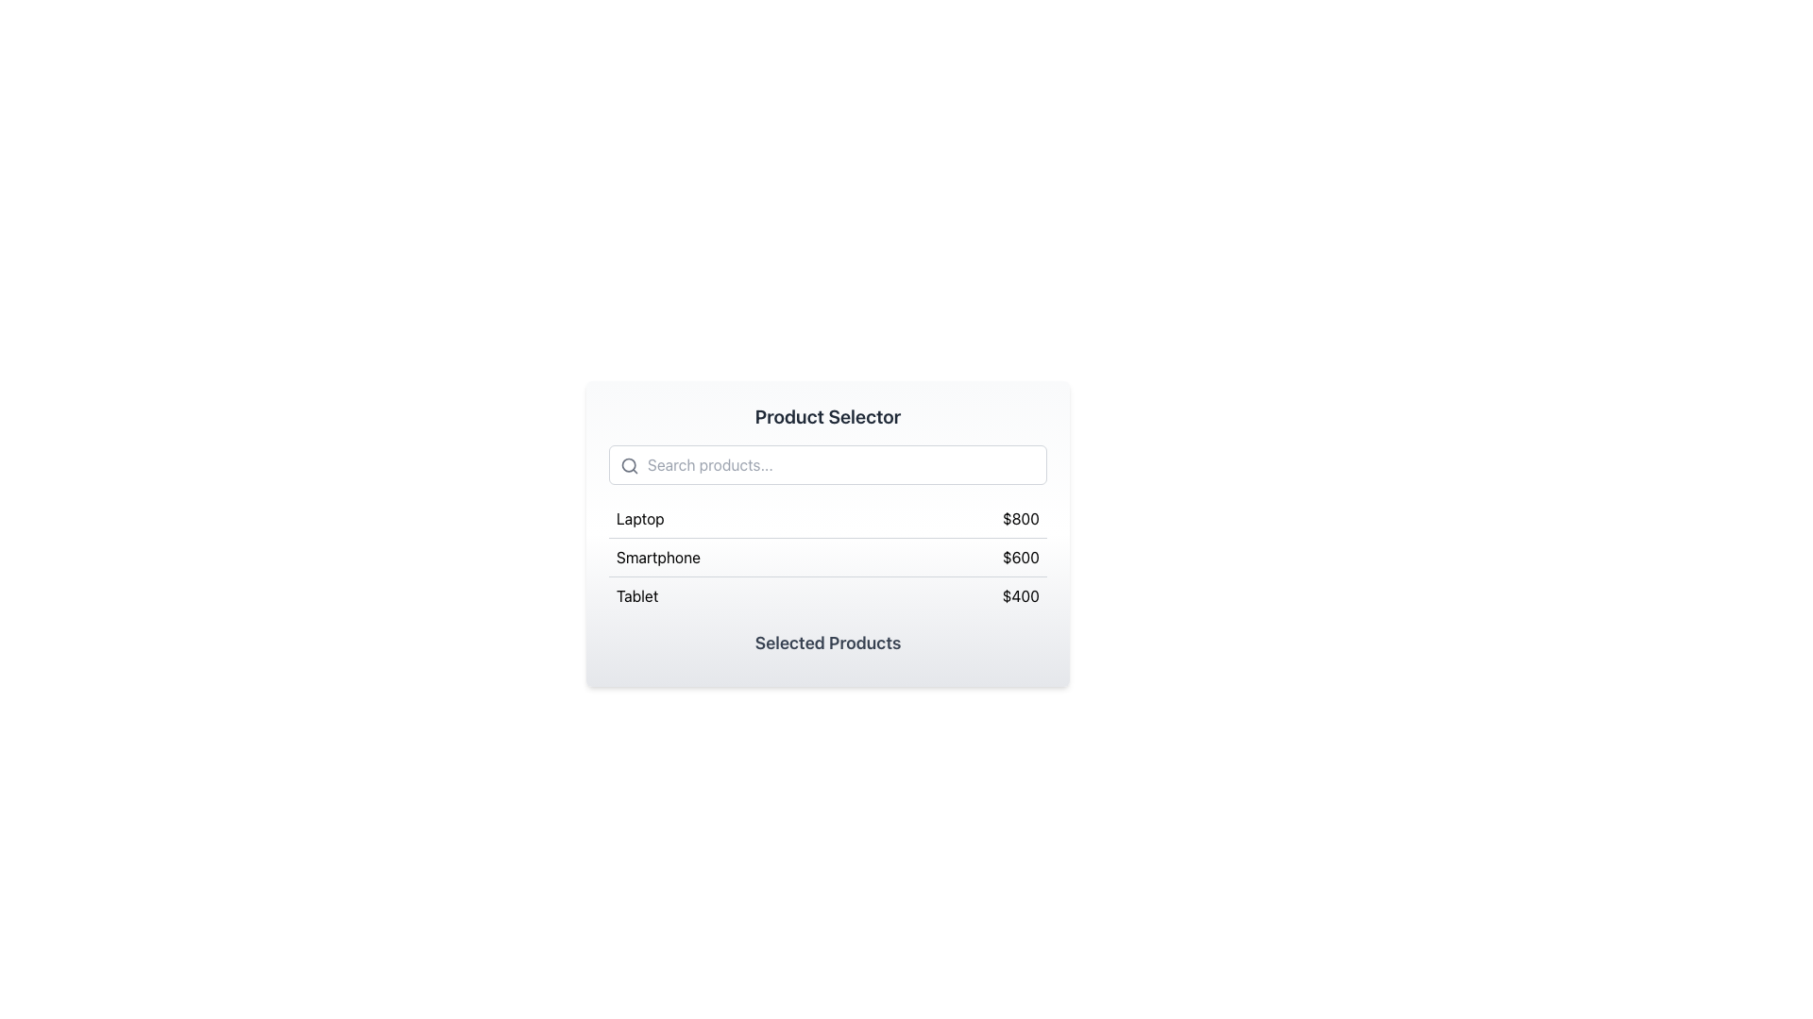 Image resolution: width=1813 pixels, height=1019 pixels. What do you see at coordinates (637, 596) in the screenshot?
I see `the product label located in the third row of the list, positioned to the left of the price '$400'` at bounding box center [637, 596].